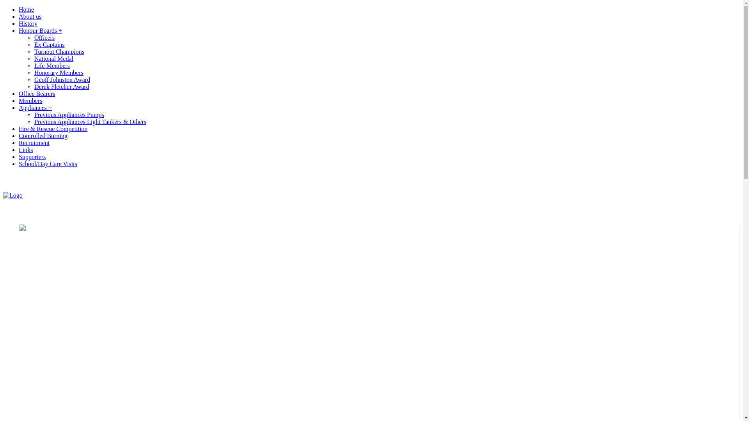 The width and height of the screenshot is (749, 421). I want to click on 'Derek Fletcher Award', so click(61, 87).